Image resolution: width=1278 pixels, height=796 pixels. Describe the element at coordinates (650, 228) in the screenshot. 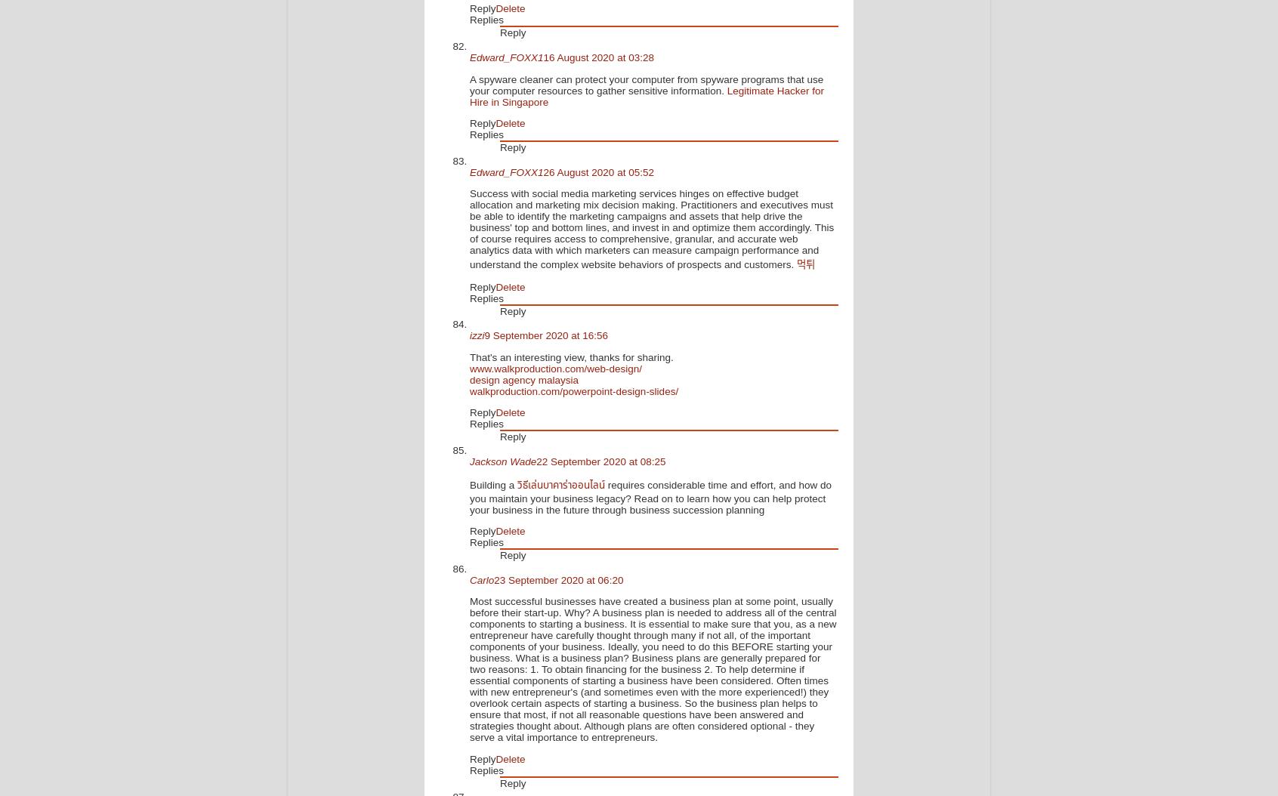

I see `'Success with social media marketing services hinges on effective budget allocation and marketing mix decision making. Practitioners and executives must be able to identify the marketing campaigns and assets that help drive the business' top and bottom lines, and invest in and optimize them accordingly. This of course requires access to comprehensive, granular, and accurate web analytics data with which marketers can measure campaign performance and understand the complex website behaviors of prospects and customers.'` at that location.